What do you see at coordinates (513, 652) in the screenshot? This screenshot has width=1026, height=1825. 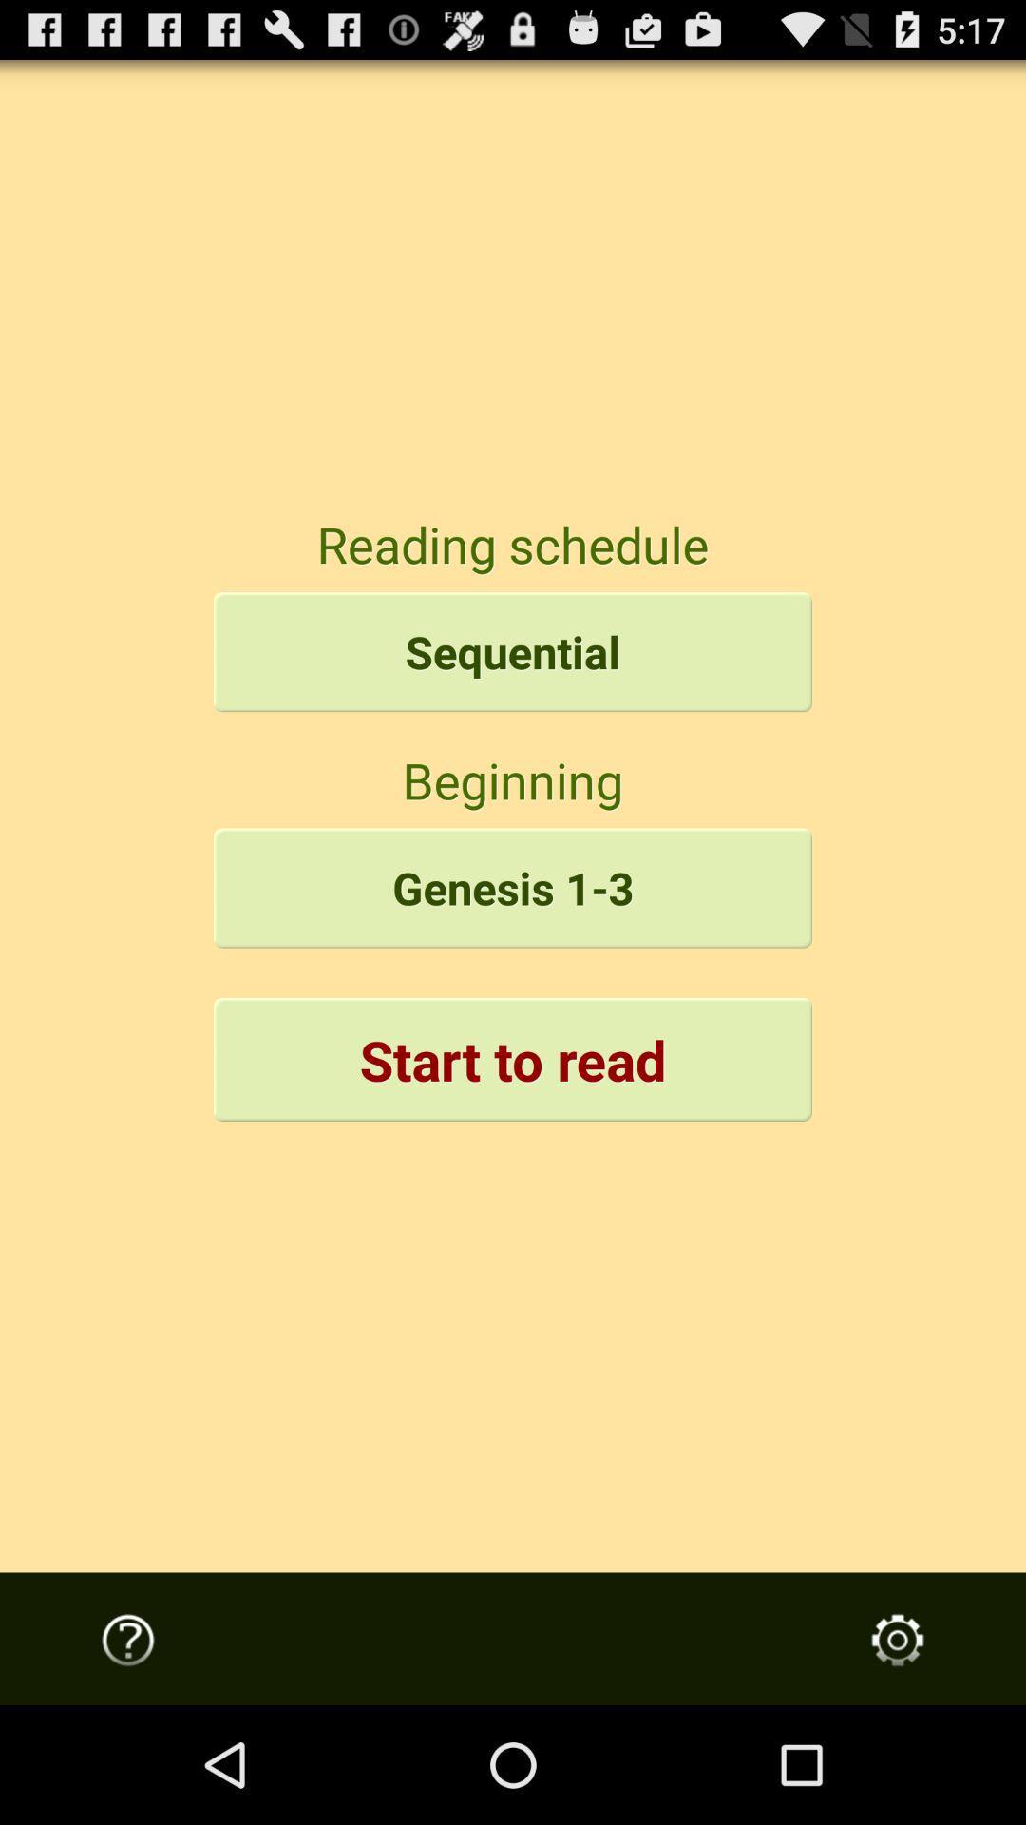 I see `sequential button` at bounding box center [513, 652].